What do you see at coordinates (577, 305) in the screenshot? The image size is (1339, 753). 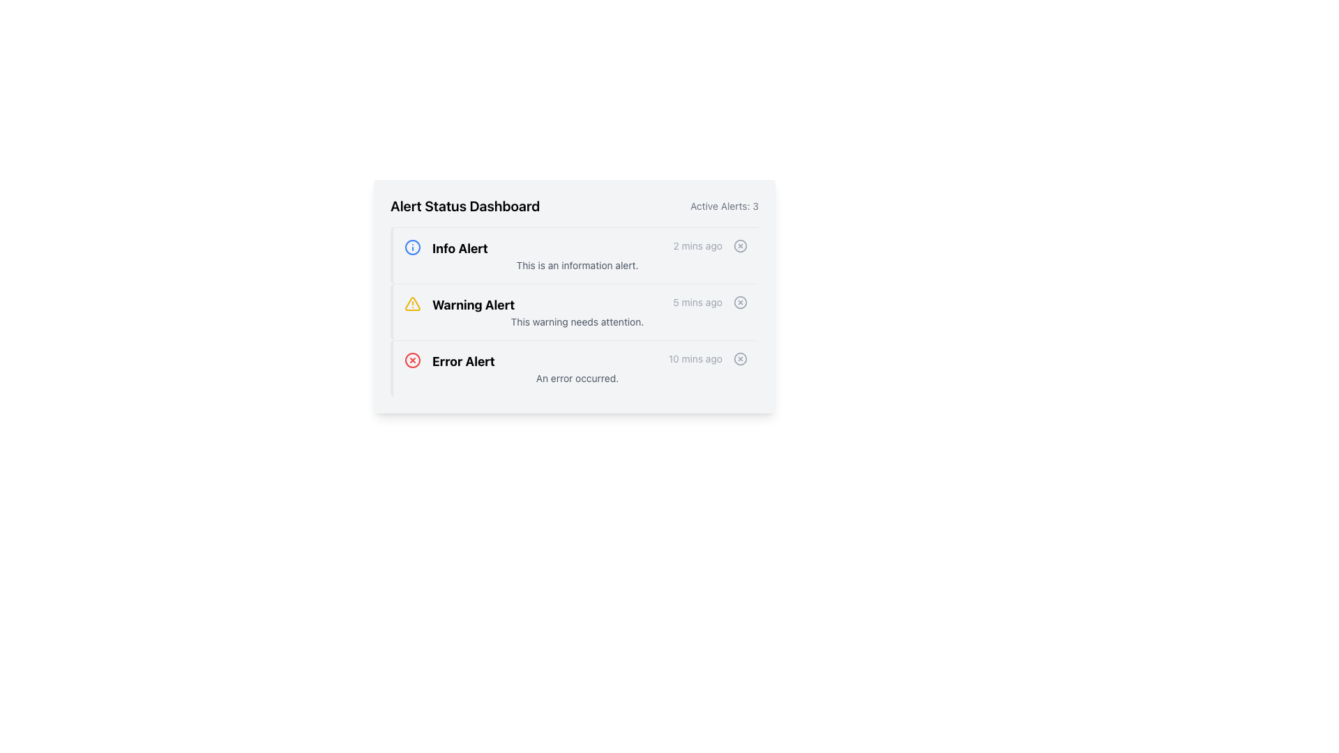 I see `the second Notification List Item in the alert panel that communicates a warning alert, positioned between the 'Info Alert' and 'Error Alert'` at bounding box center [577, 305].